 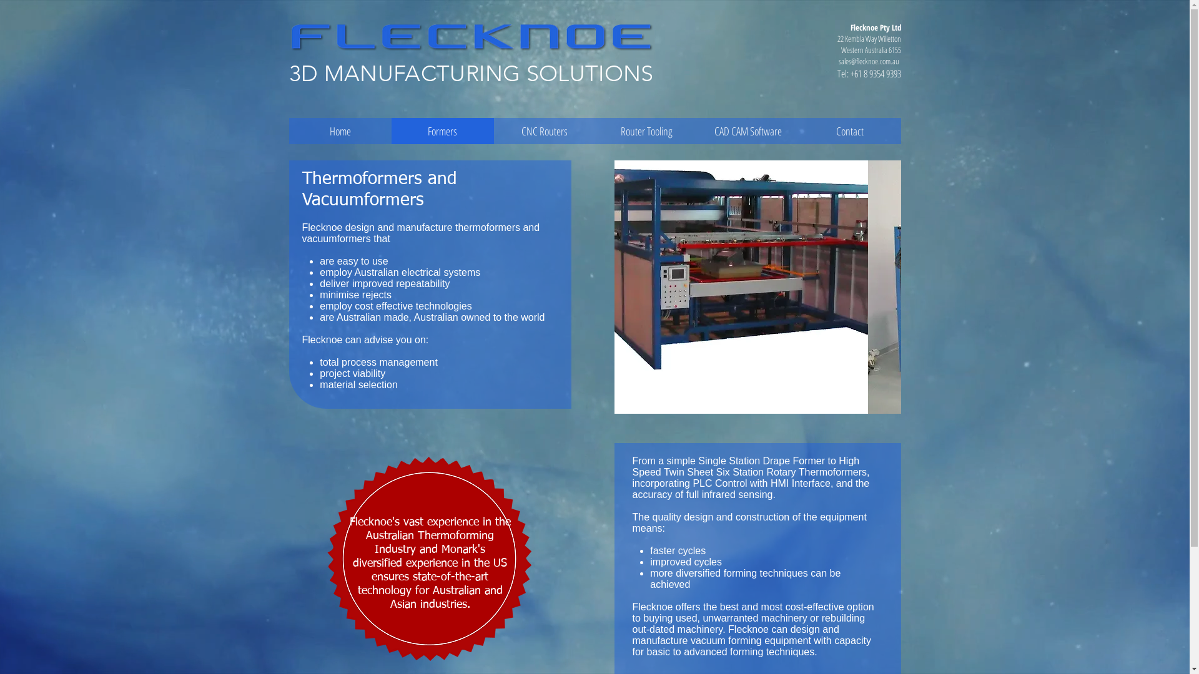 What do you see at coordinates (867, 61) in the screenshot?
I see `'sales@flecknoe.com.au'` at bounding box center [867, 61].